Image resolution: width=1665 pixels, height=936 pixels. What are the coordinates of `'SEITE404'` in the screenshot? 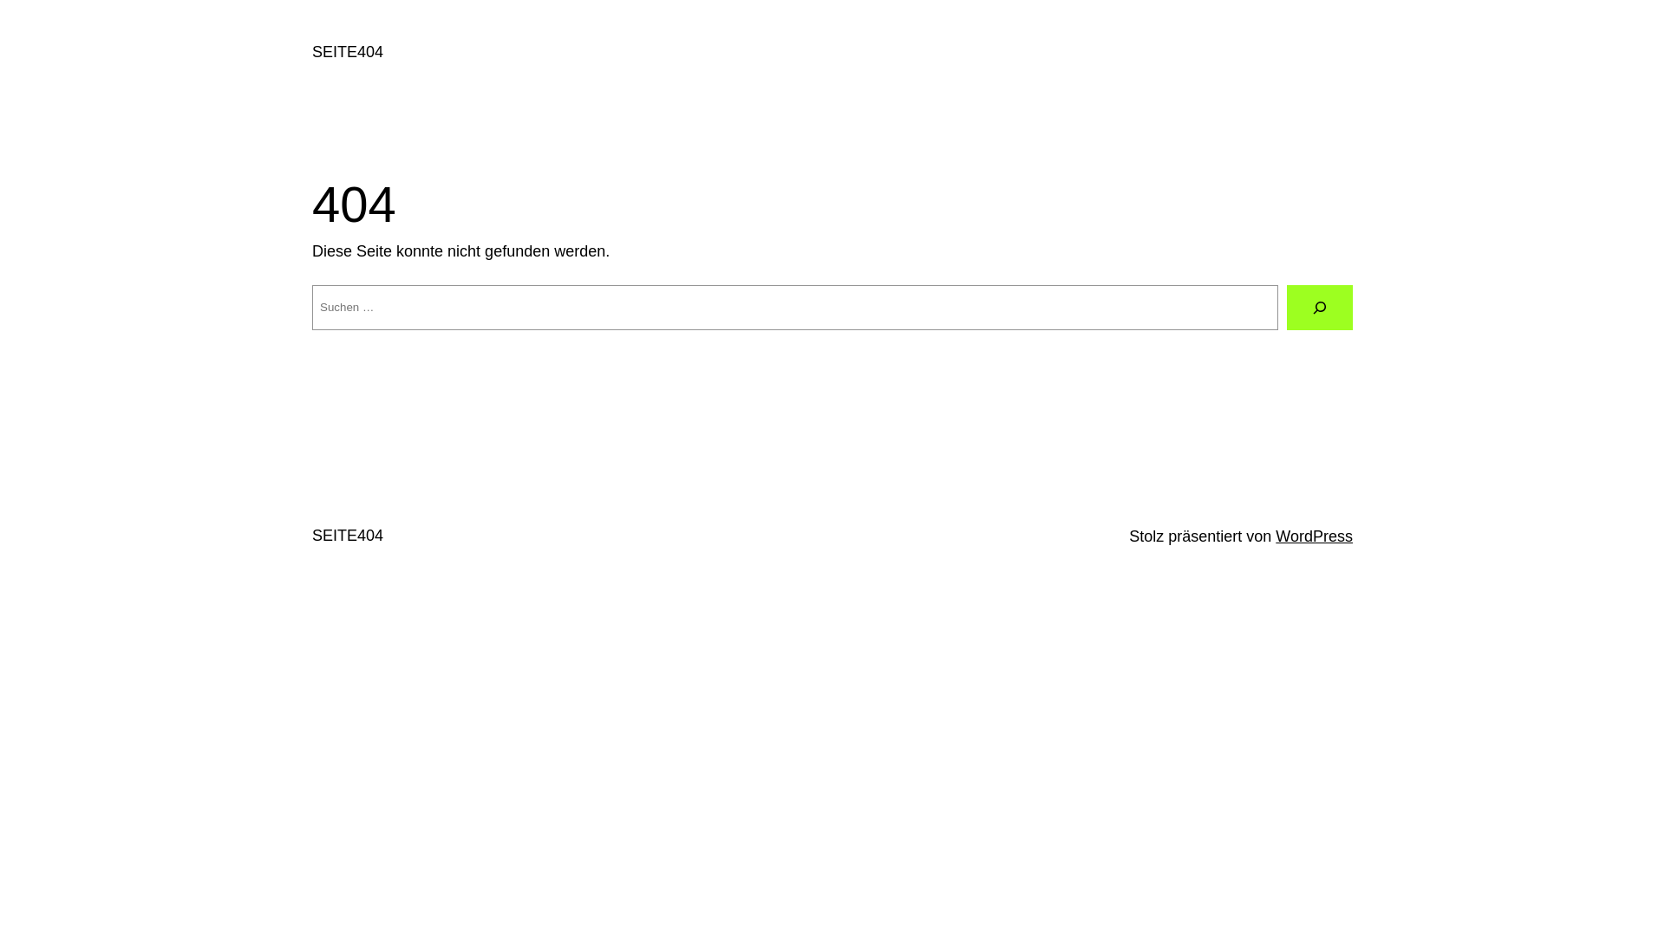 It's located at (347, 534).